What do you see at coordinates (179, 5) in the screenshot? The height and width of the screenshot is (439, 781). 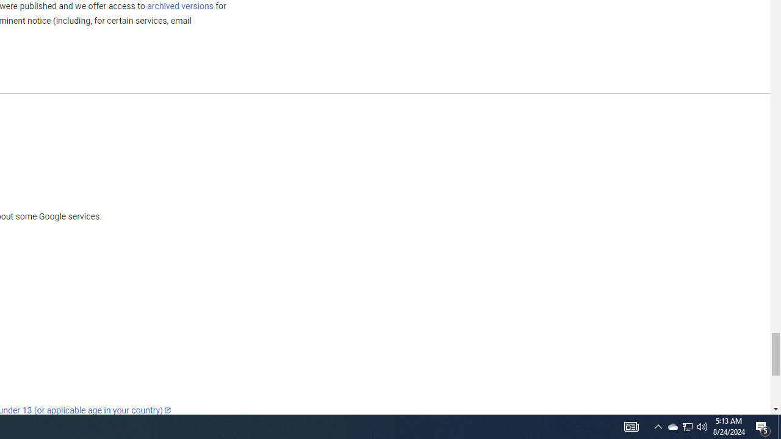 I see `'archived versions'` at bounding box center [179, 5].